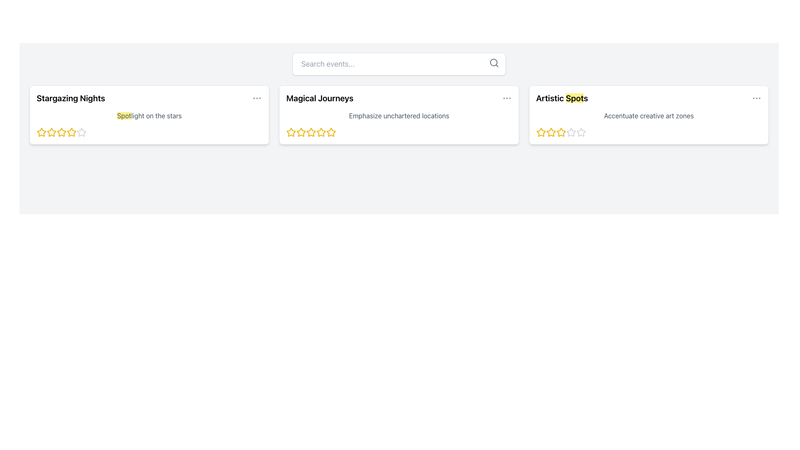 The image size is (800, 450). Describe the element at coordinates (331, 132) in the screenshot. I see `the tooltip or animation of the fifth star icon used for displaying ratings, located in the second card from the left in a horizontal list of cards` at that location.